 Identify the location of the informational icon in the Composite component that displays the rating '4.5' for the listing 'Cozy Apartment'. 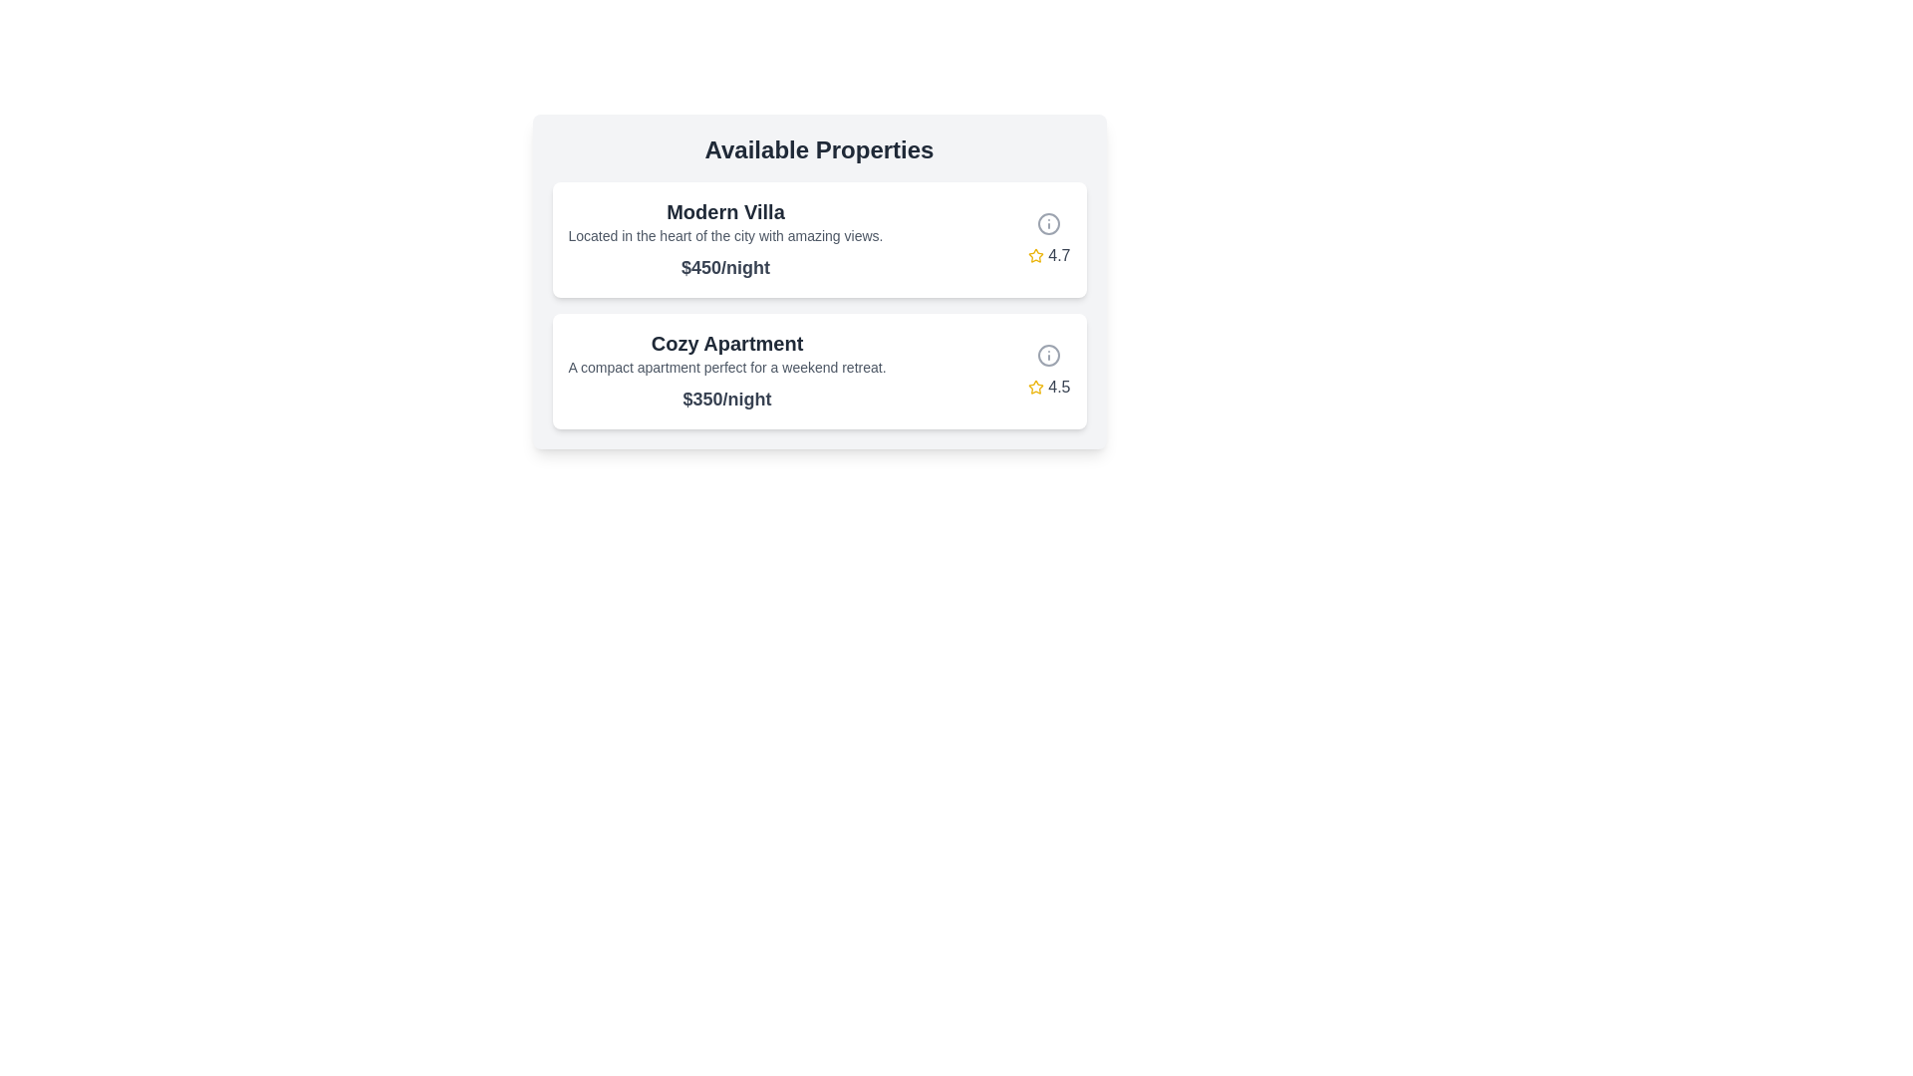
(1048, 372).